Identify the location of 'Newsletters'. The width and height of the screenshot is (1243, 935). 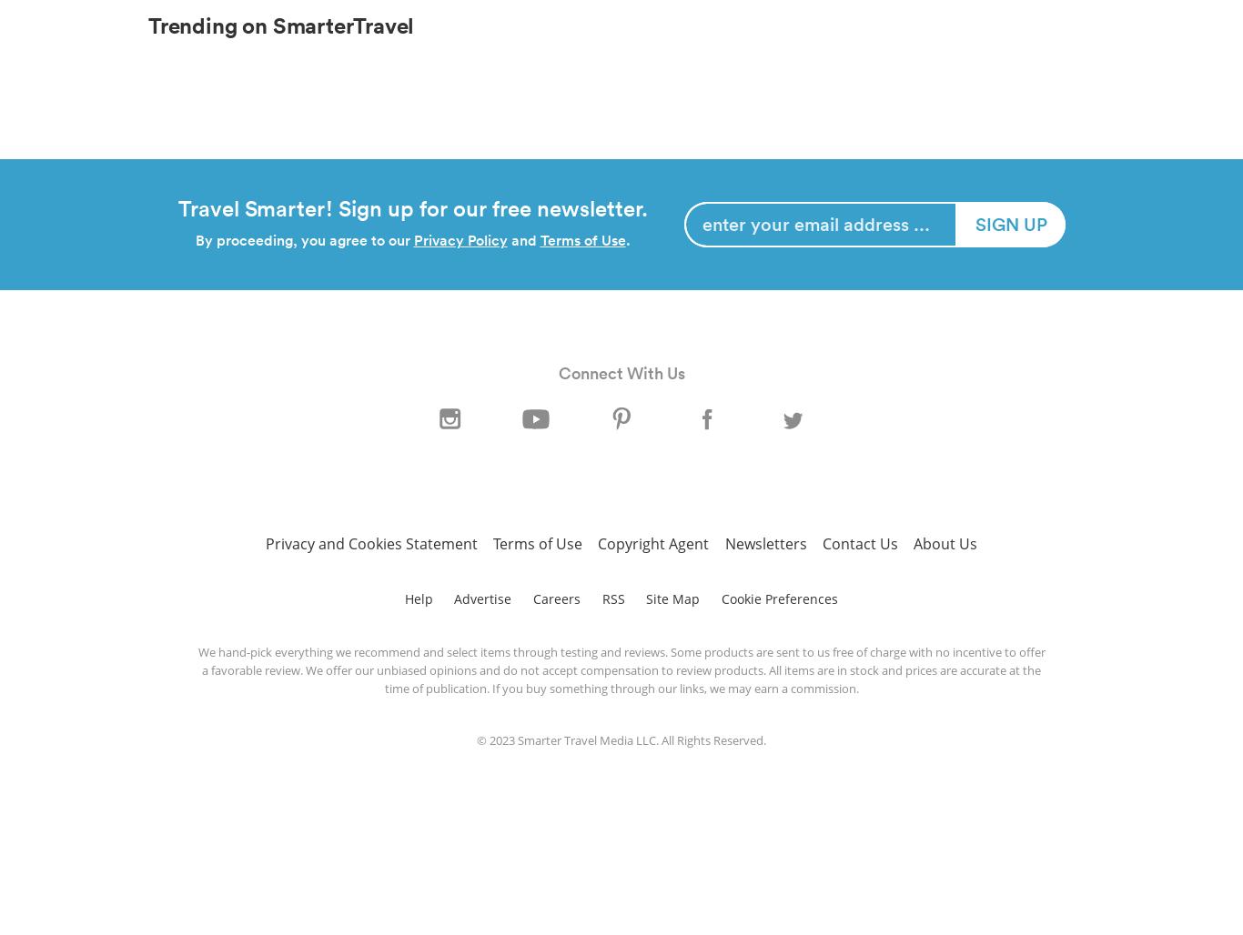
(723, 541).